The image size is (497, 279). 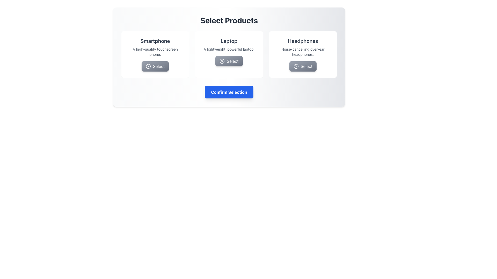 What do you see at coordinates (303, 41) in the screenshot?
I see `the title text element identifying the 'Headphones' product, which is positioned at the top of the product card above the description` at bounding box center [303, 41].